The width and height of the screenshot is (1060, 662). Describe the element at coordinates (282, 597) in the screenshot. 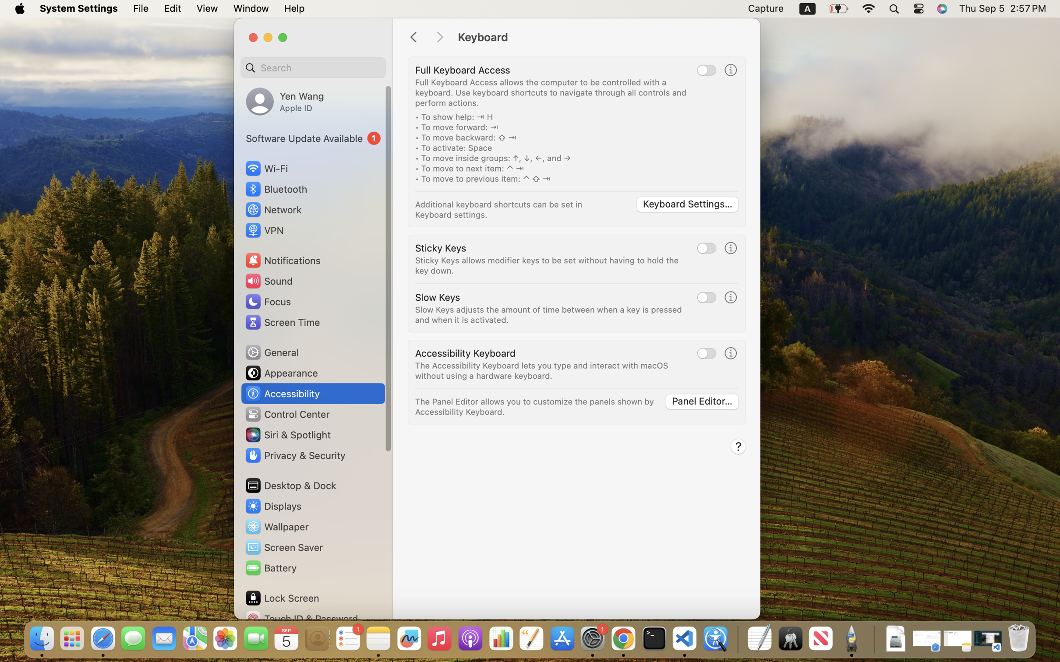

I see `'Lock Screen'` at that location.